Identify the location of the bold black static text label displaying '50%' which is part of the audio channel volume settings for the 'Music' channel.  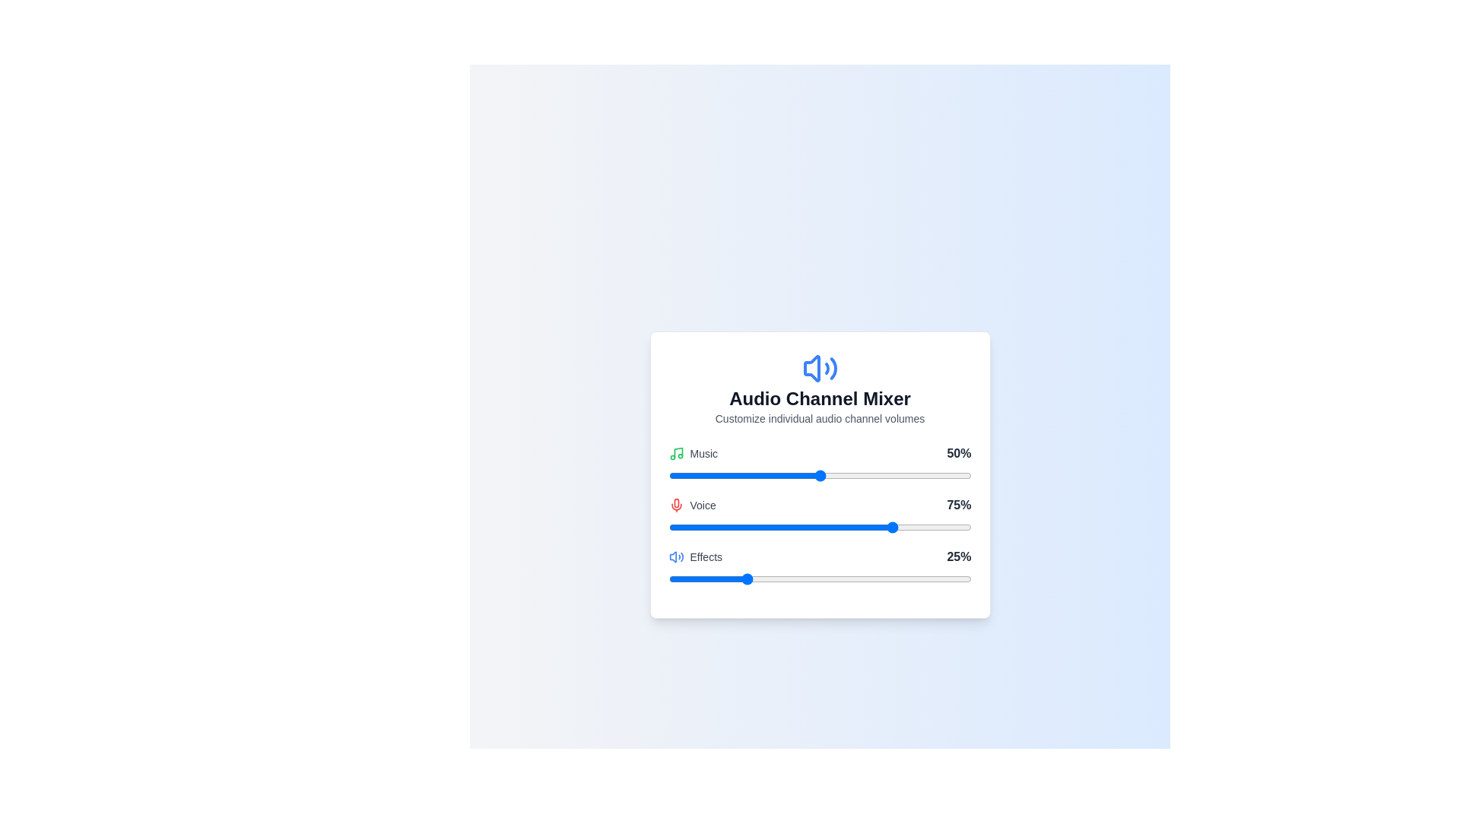
(958, 453).